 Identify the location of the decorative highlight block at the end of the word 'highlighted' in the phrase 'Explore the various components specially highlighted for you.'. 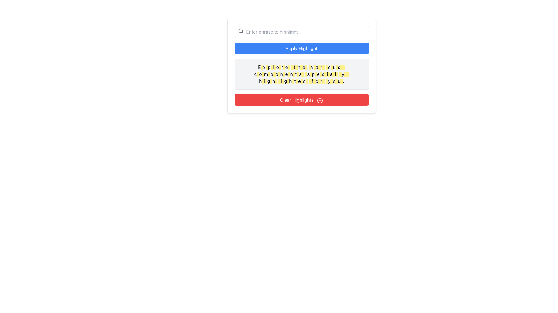
(283, 81).